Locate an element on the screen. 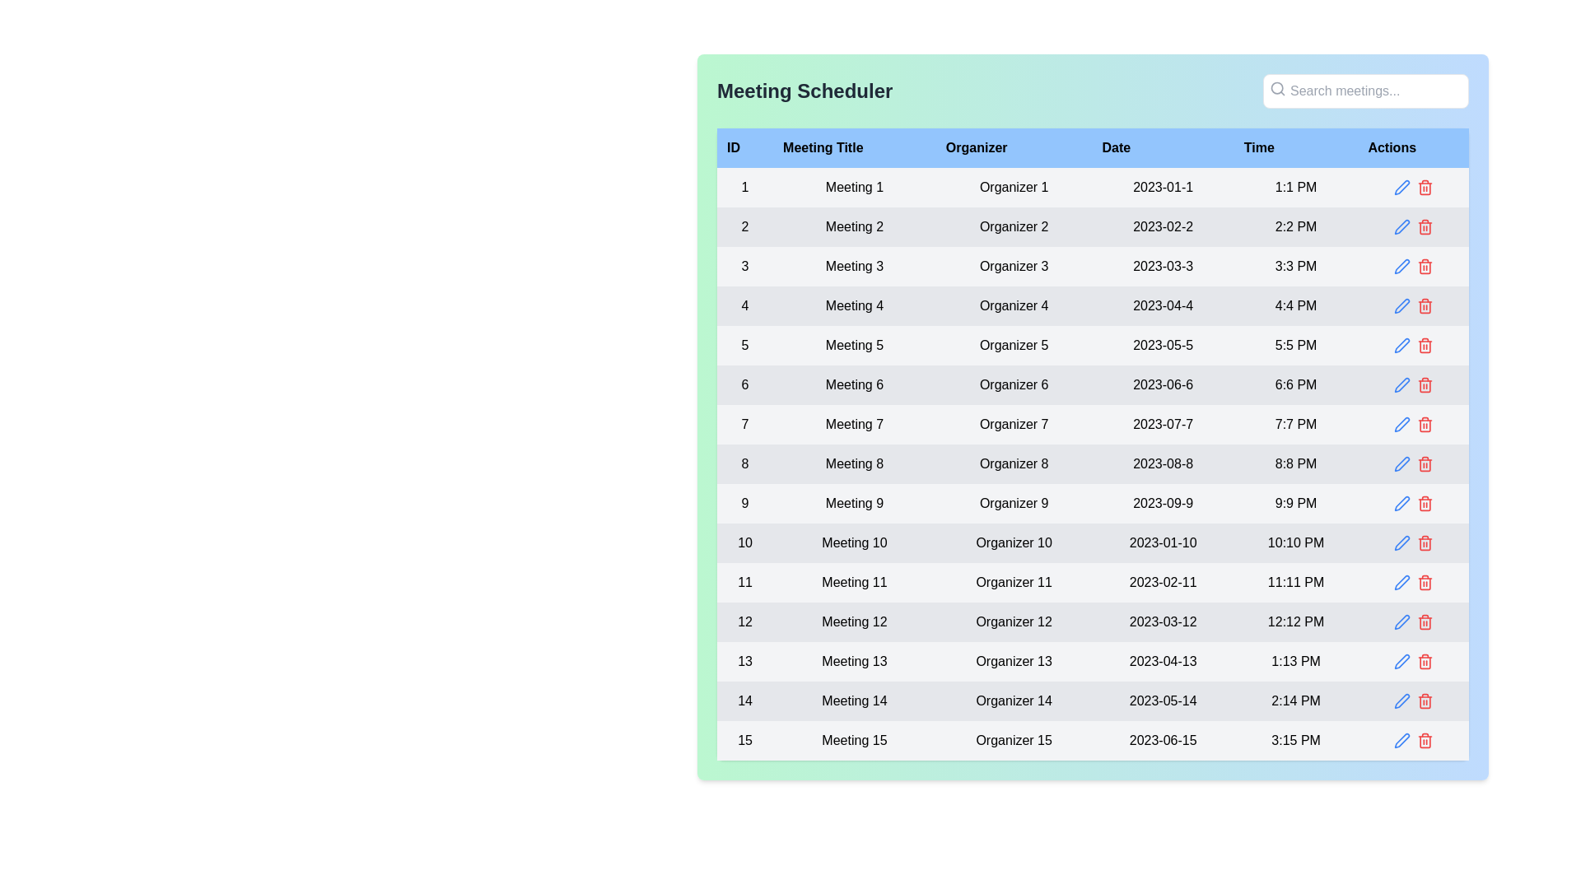  the red trash can icon in the 'Actions' column of the table aligned with the 15th row is located at coordinates (1412, 739).